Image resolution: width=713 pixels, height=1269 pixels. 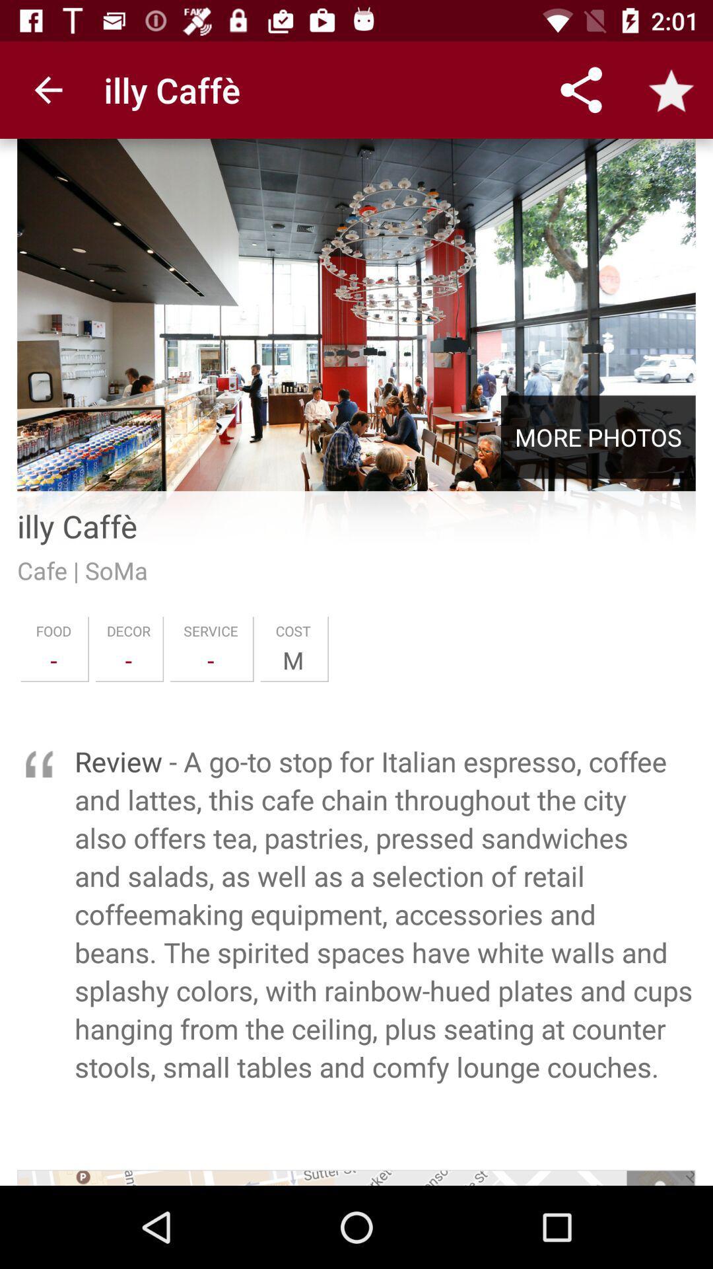 What do you see at coordinates (660, 1178) in the screenshot?
I see `icon at the bottom right corner` at bounding box center [660, 1178].